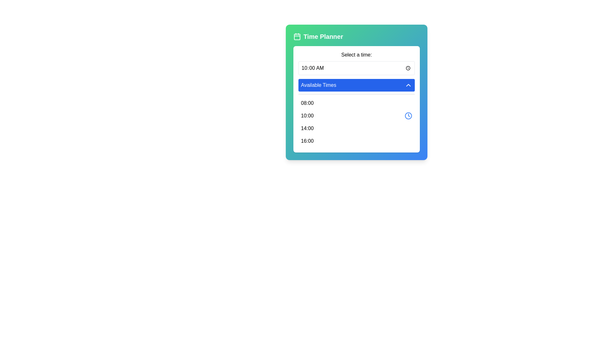 The height and width of the screenshot is (341, 607). I want to click on the upward-pointing arrow icon within the 'Available Times' button, so click(408, 85).